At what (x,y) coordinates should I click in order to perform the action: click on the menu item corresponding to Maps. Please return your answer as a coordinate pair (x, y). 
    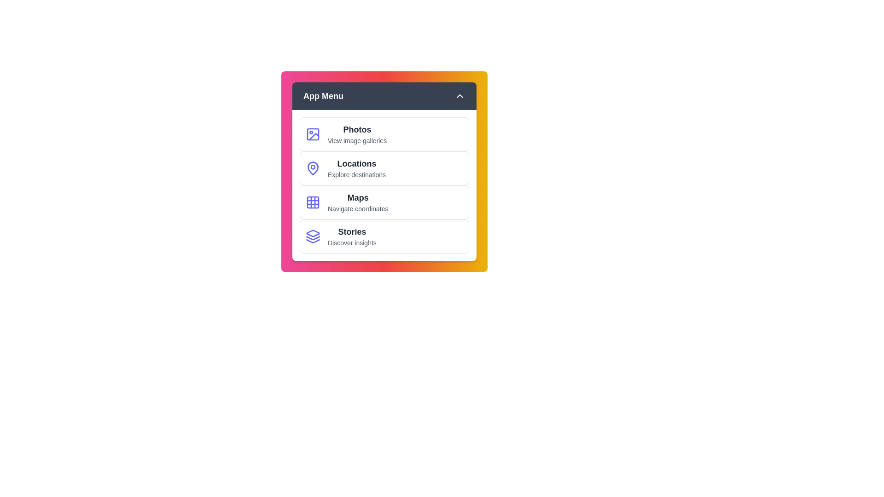
    Looking at the image, I should click on (384, 202).